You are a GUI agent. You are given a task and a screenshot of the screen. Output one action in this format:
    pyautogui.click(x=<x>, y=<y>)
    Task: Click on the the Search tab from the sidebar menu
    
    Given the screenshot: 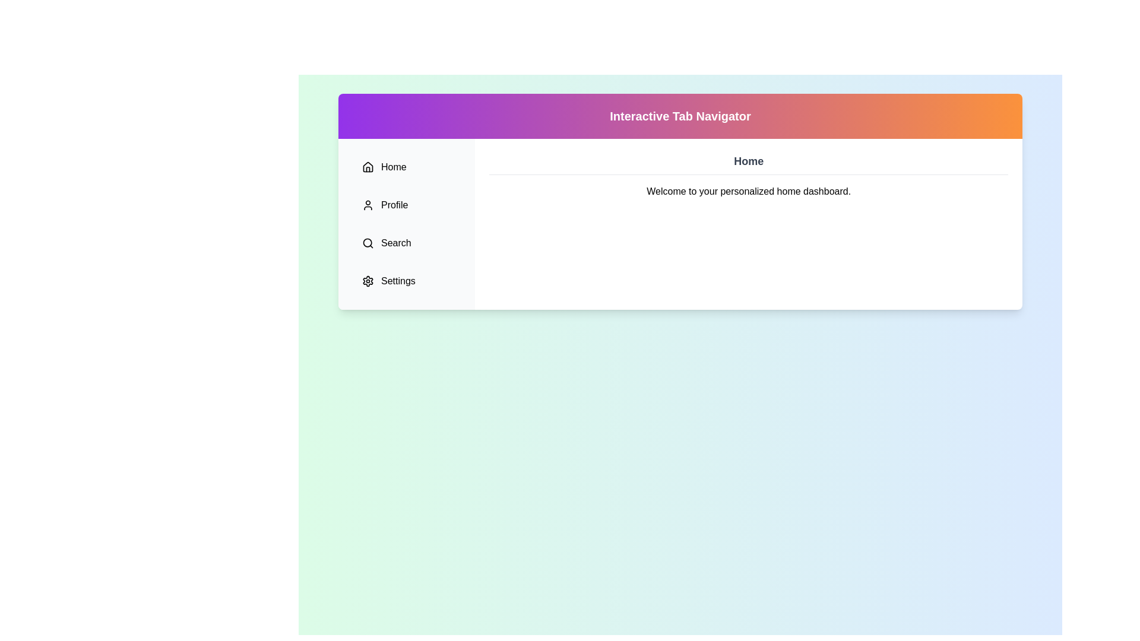 What is the action you would take?
    pyautogui.click(x=407, y=242)
    